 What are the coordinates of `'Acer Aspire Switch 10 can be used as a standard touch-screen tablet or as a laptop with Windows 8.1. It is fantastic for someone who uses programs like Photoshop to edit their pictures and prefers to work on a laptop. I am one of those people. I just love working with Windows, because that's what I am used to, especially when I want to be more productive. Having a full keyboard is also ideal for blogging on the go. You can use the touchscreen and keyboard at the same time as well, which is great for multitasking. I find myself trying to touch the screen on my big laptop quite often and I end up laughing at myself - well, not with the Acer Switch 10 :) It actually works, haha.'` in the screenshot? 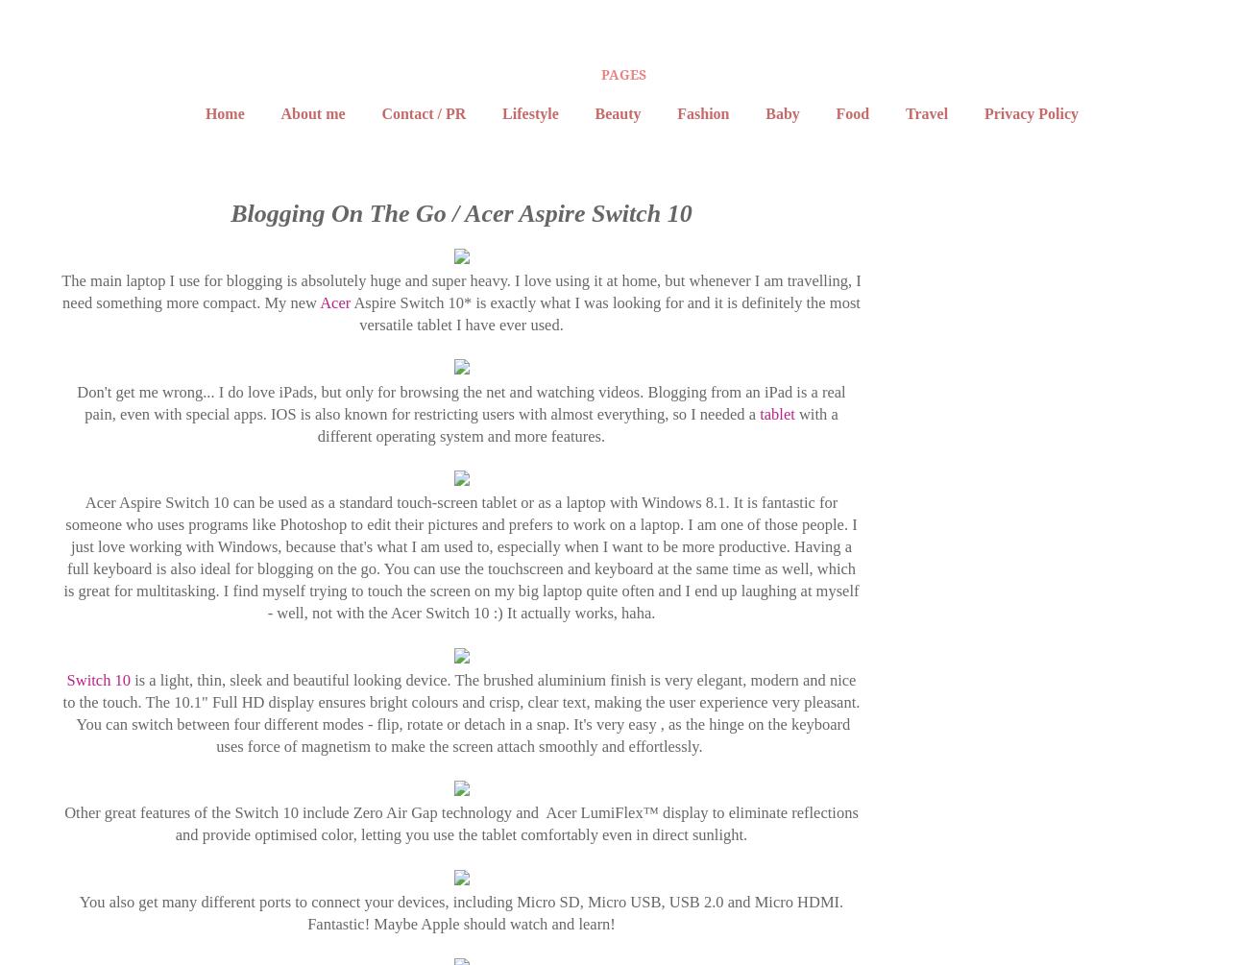 It's located at (461, 556).